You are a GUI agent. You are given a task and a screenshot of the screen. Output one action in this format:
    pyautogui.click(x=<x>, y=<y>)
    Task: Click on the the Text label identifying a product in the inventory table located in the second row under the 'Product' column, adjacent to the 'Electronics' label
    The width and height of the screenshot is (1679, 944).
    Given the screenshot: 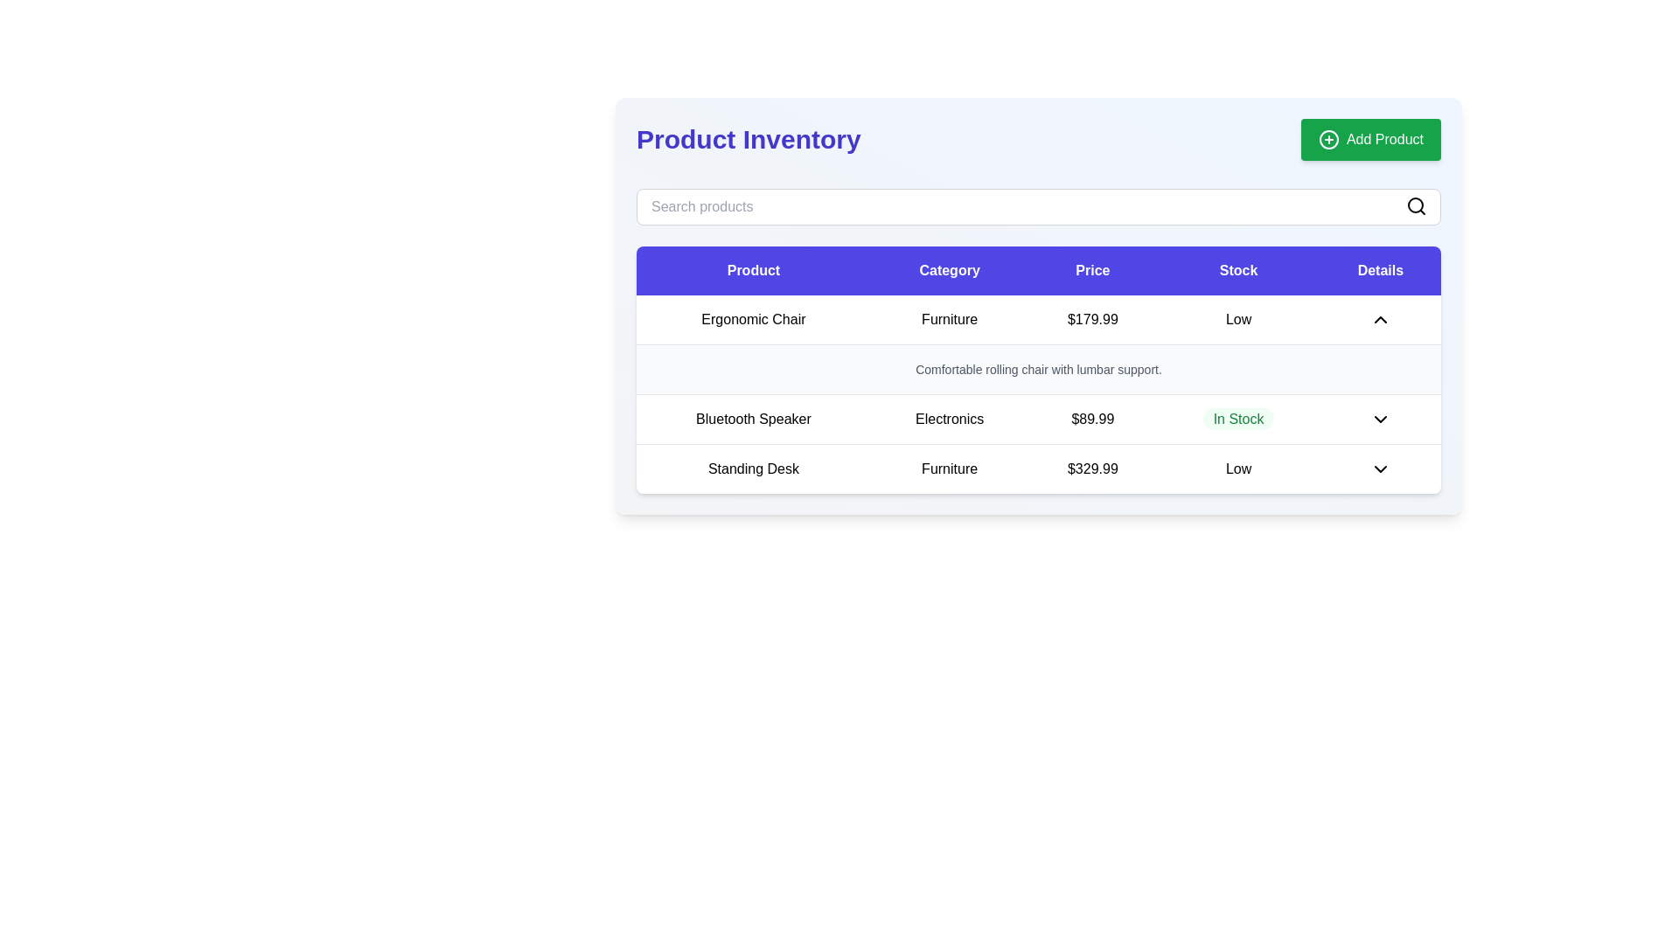 What is the action you would take?
    pyautogui.click(x=753, y=419)
    